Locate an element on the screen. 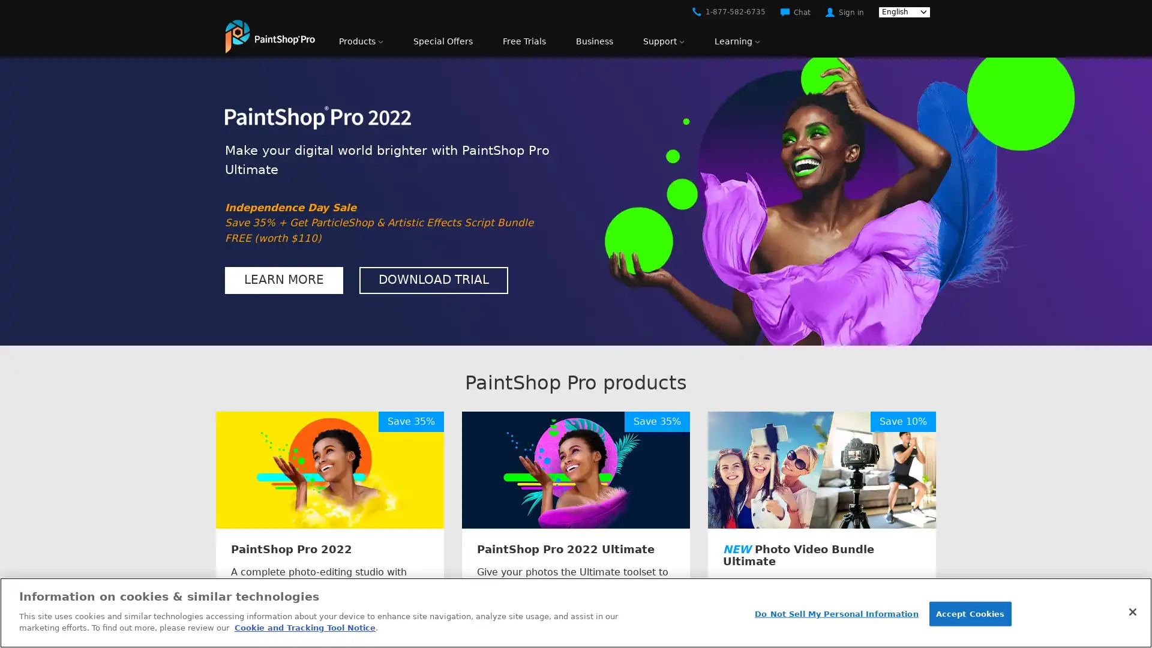 Image resolution: width=1152 pixels, height=648 pixels. Do Not Sell My Personal Information is located at coordinates (835, 613).